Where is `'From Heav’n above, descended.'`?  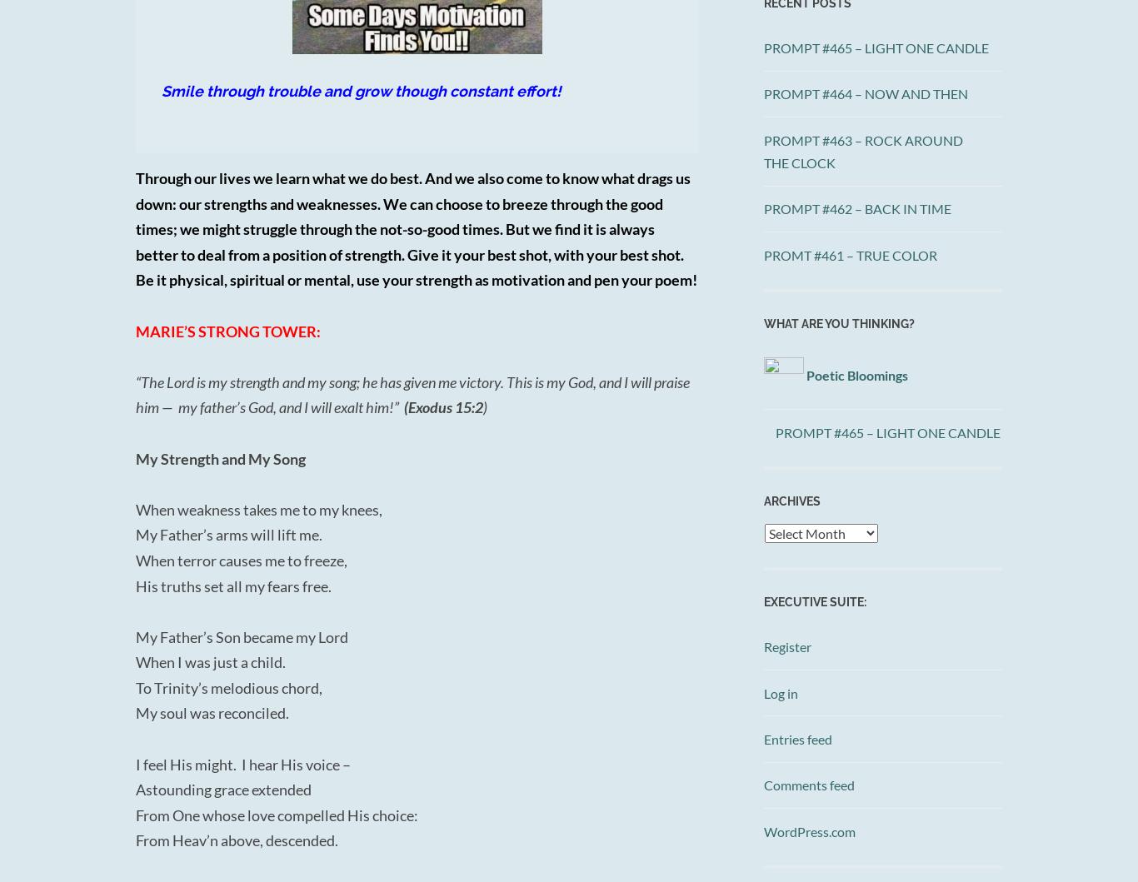
'From Heav’n above, descended.' is located at coordinates (134, 840).